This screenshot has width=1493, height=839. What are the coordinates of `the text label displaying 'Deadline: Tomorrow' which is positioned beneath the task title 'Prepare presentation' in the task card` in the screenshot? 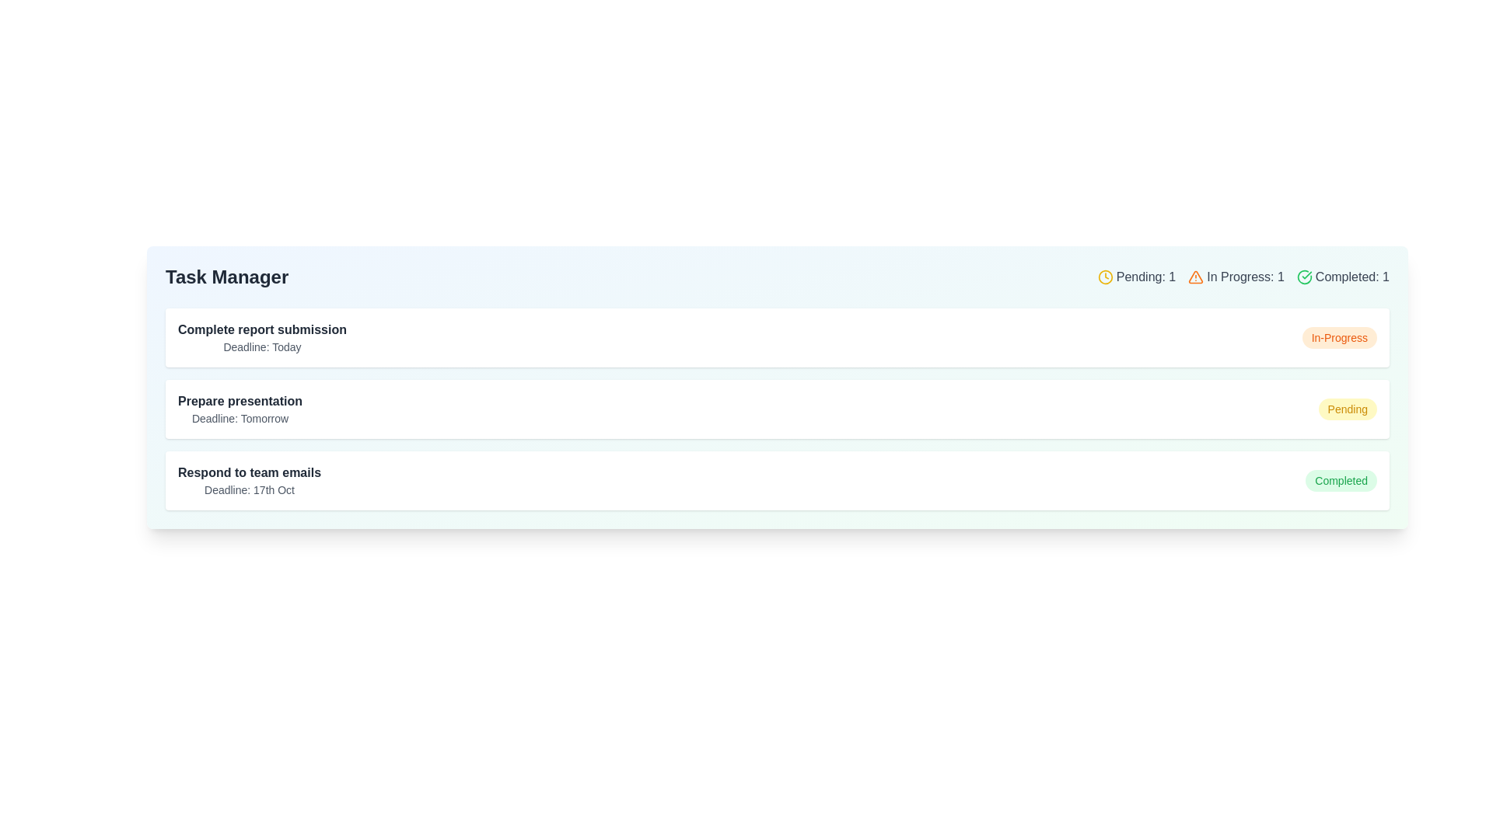 It's located at (240, 418).